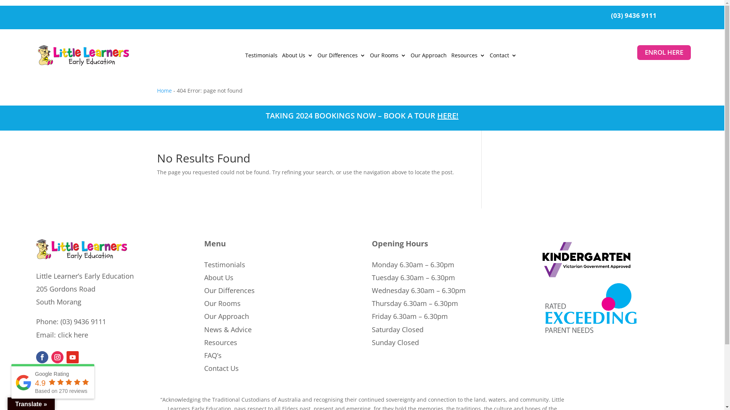  I want to click on 'Home', so click(163, 90).